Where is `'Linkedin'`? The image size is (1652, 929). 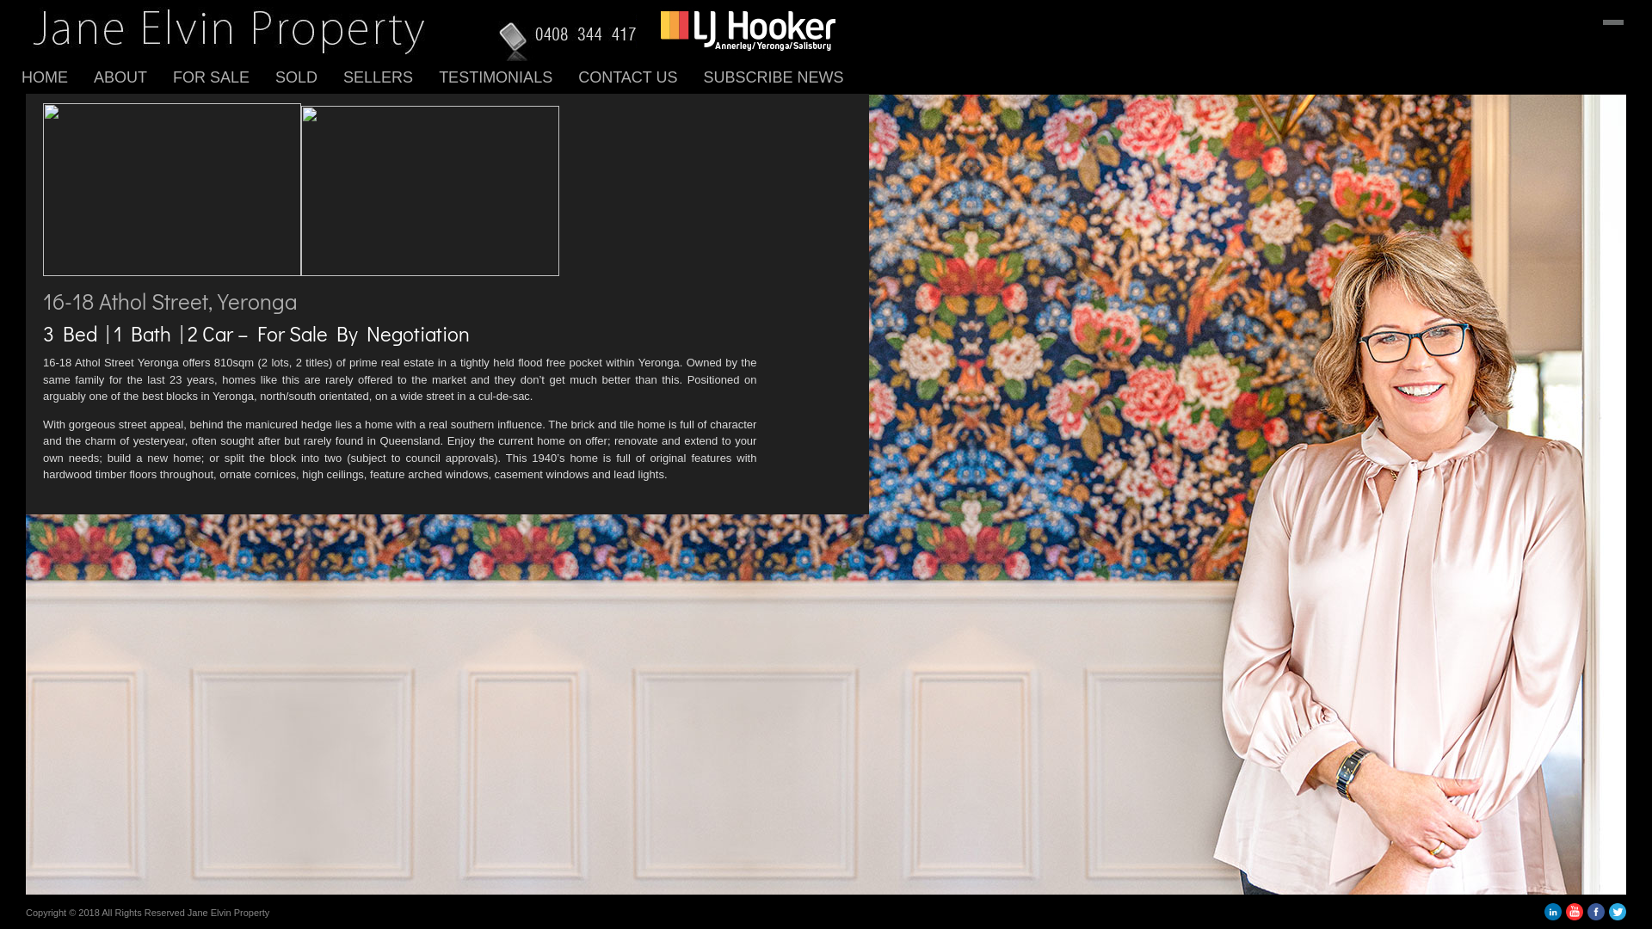
'Linkedin' is located at coordinates (1552, 915).